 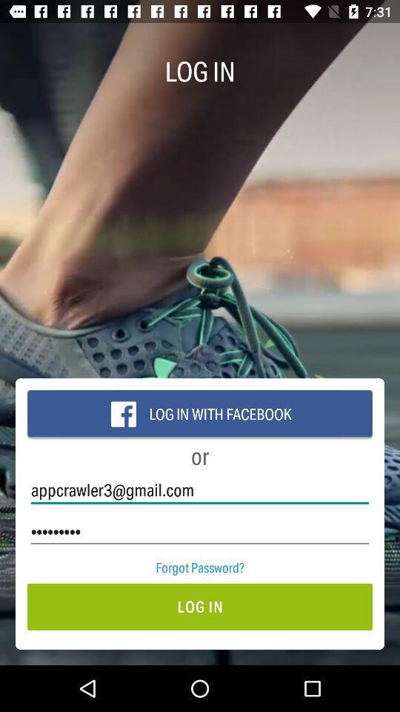 What do you see at coordinates (200, 567) in the screenshot?
I see `the forgot password? item` at bounding box center [200, 567].